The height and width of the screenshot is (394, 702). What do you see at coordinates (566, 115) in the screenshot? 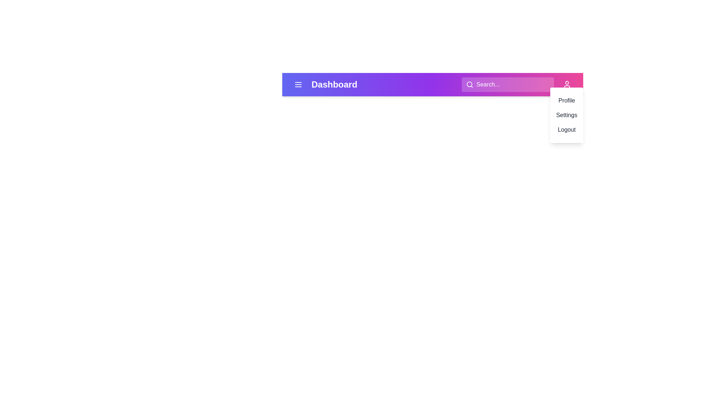
I see `the 'Settings' menu item` at bounding box center [566, 115].